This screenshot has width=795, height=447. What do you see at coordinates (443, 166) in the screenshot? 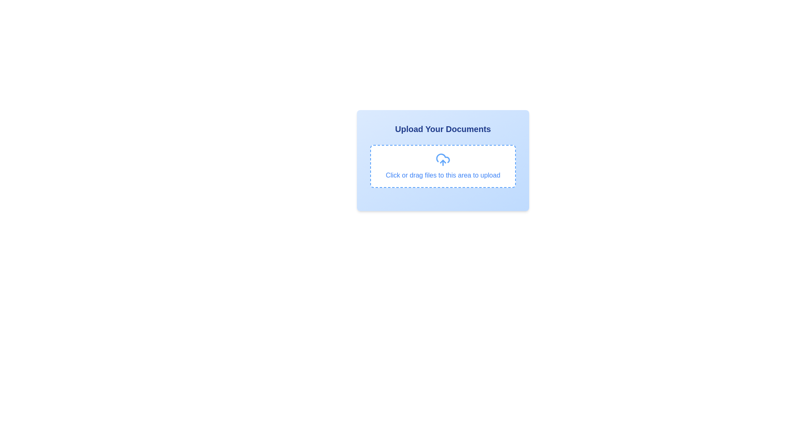
I see `the file upload area, which has a dashed blue border and instructional text saying 'Click or drag files to this area to upload'` at bounding box center [443, 166].